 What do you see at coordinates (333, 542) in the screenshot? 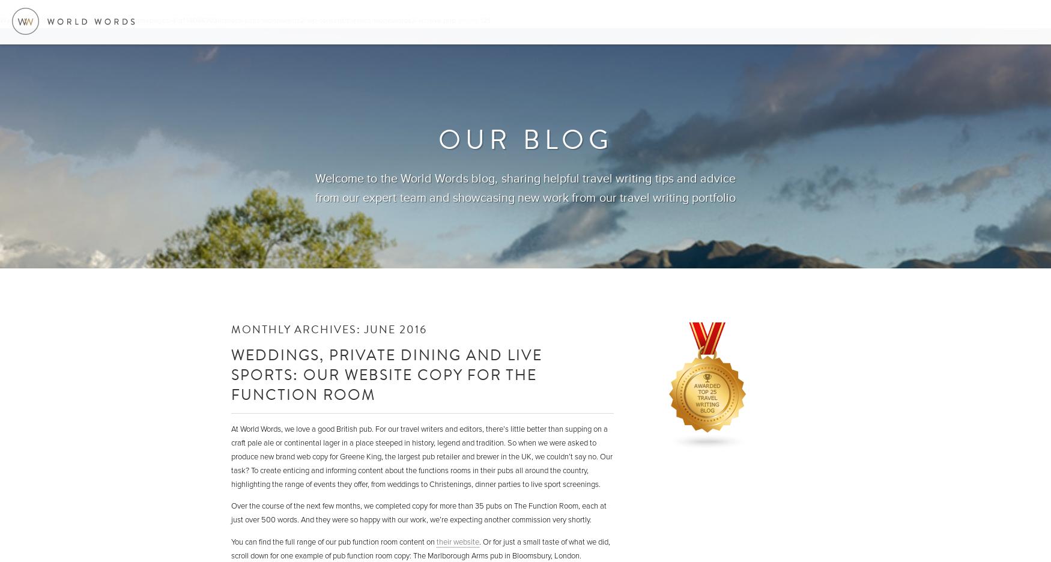
I see `'You can find the full range of our pub function room content on'` at bounding box center [333, 542].